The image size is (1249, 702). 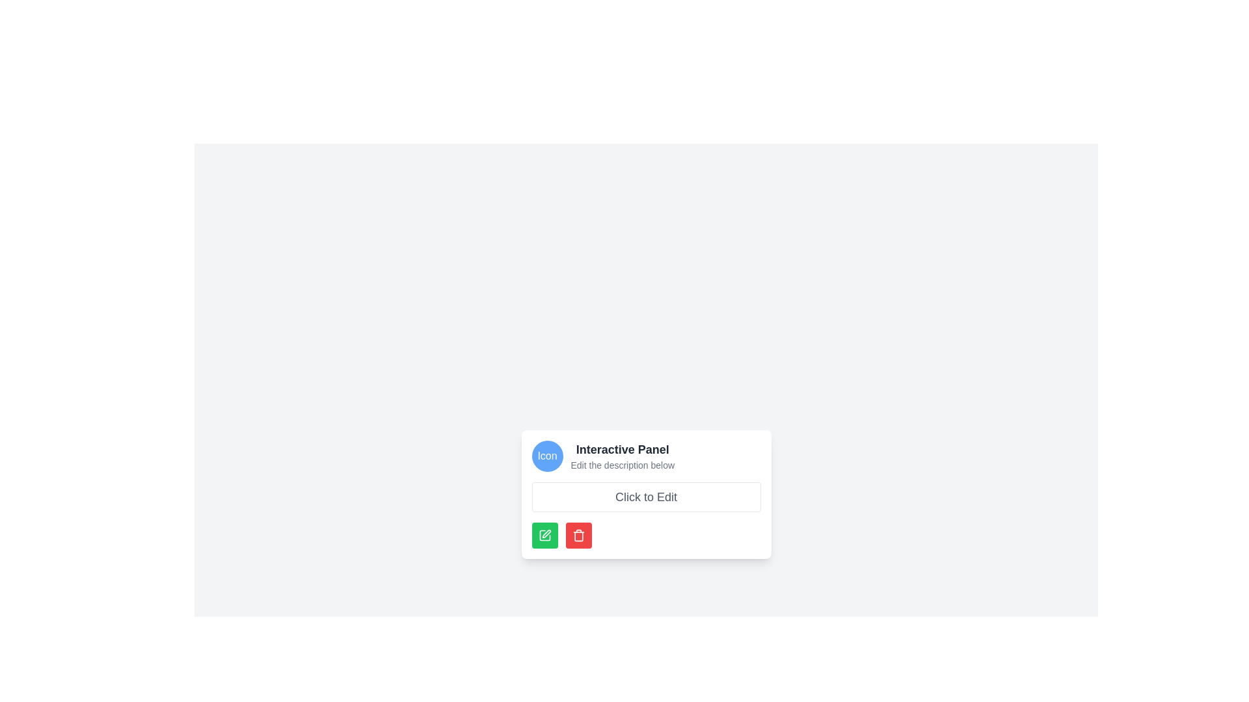 What do you see at coordinates (578, 536) in the screenshot?
I see `the main body rectangle of the trash can icon, which is part of a vector graphic used as a delete button` at bounding box center [578, 536].